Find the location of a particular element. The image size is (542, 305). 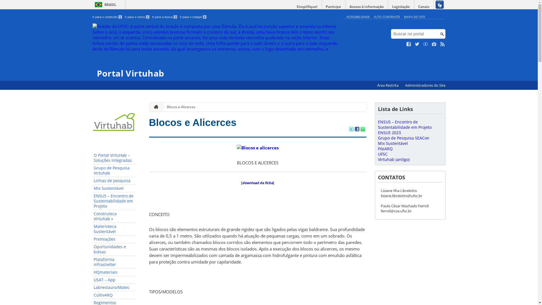

'Grupo de Pesquisa SEACon' is located at coordinates (403, 138).